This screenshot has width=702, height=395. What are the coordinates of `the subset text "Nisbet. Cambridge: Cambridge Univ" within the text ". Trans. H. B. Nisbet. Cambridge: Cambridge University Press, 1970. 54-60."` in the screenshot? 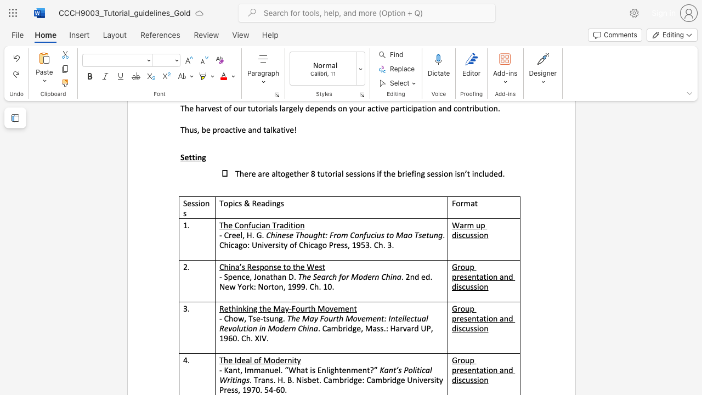 It's located at (296, 379).